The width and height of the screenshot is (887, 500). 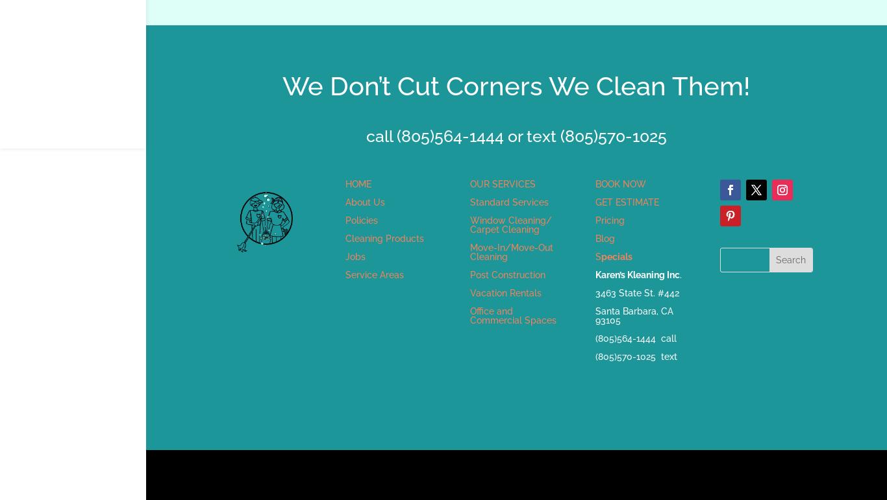 I want to click on 'Move-In/Move-Out Cleaning', so click(x=512, y=250).